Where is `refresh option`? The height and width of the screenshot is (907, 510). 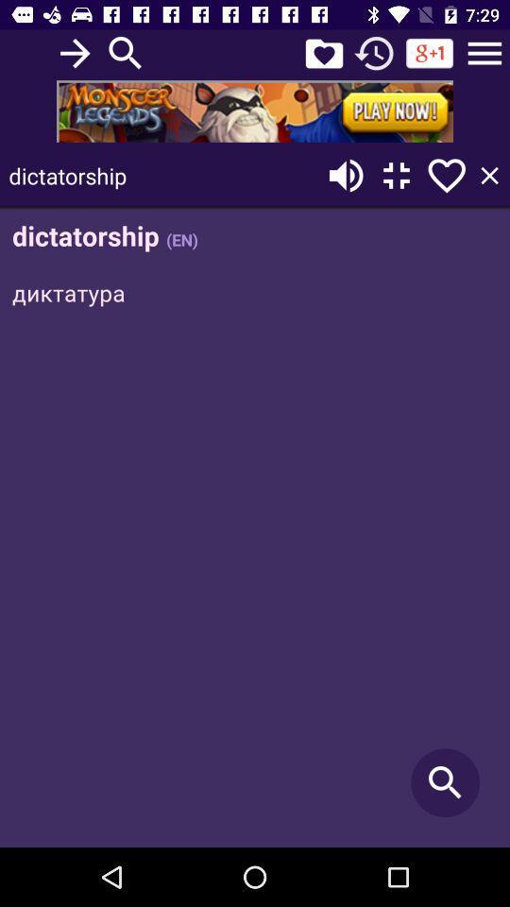 refresh option is located at coordinates (374, 52).